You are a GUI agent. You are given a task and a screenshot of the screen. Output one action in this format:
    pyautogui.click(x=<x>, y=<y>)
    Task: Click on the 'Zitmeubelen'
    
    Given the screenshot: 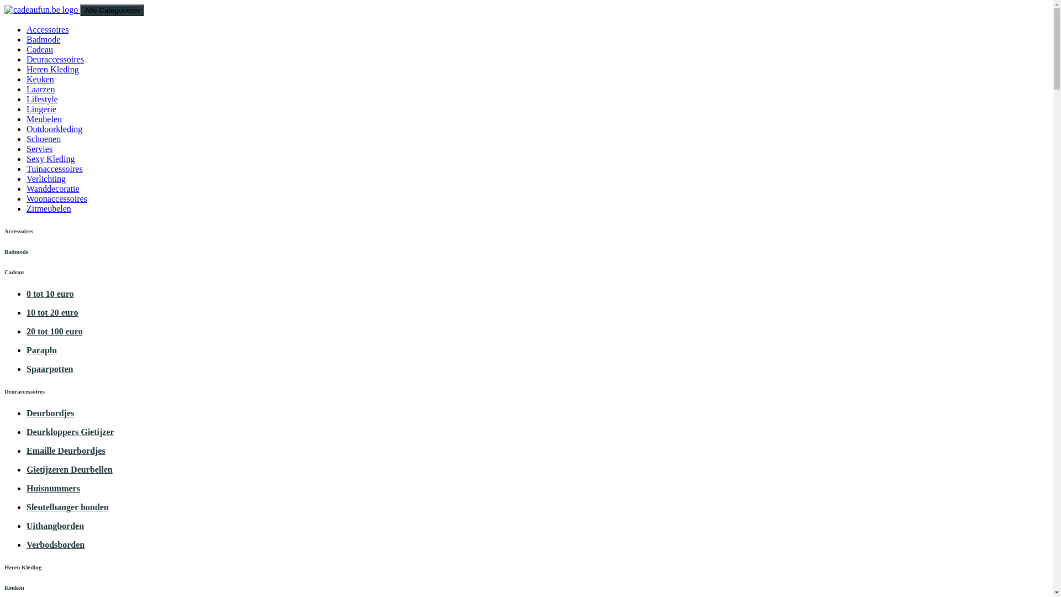 What is the action you would take?
    pyautogui.click(x=48, y=208)
    